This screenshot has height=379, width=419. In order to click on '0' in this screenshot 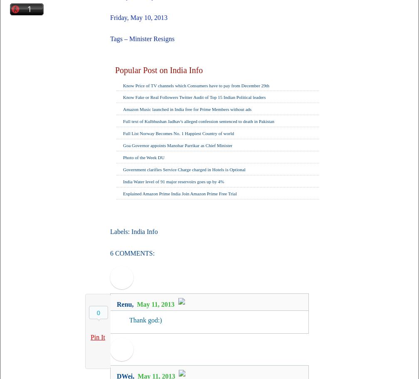, I will do `click(96, 312)`.